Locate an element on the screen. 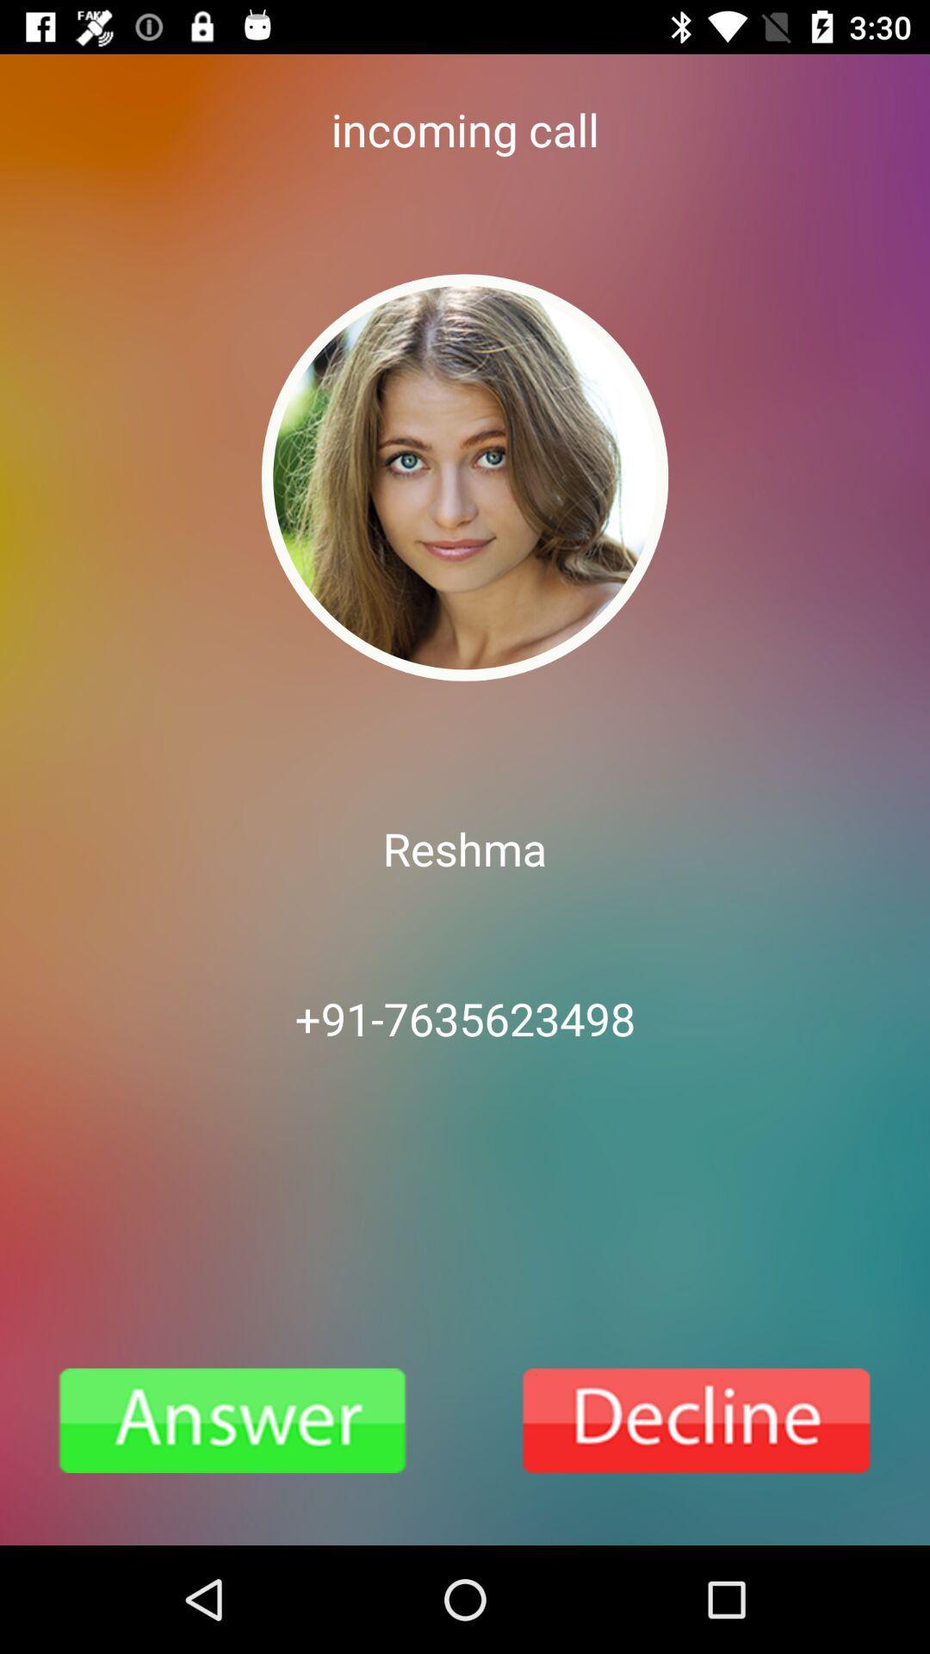 This screenshot has width=930, height=1654. item at the bottom left corner is located at coordinates (232, 1421).